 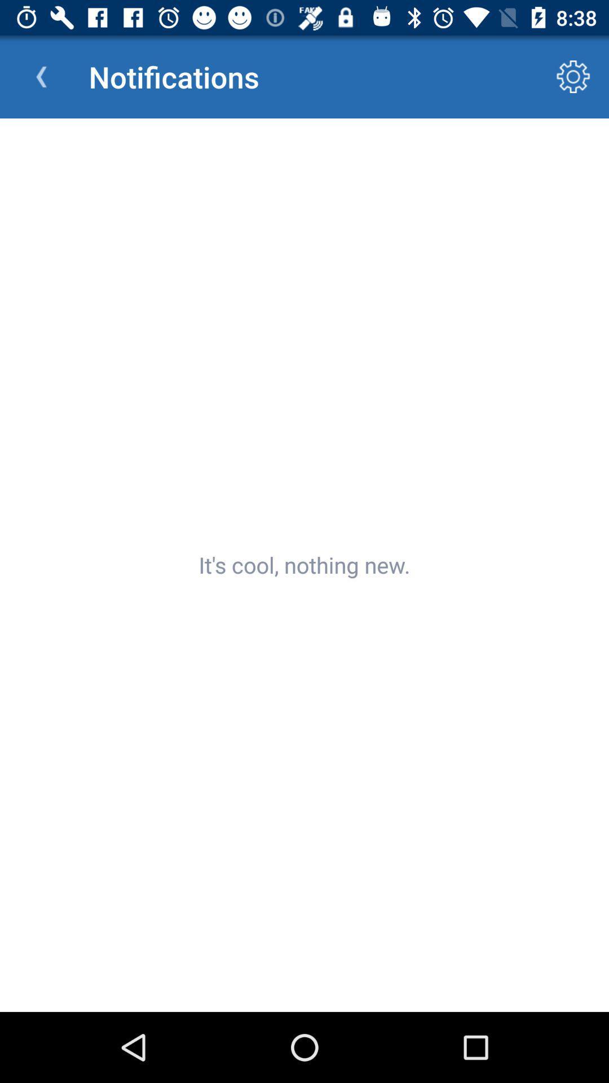 I want to click on the icon next to notifications, so click(x=573, y=76).